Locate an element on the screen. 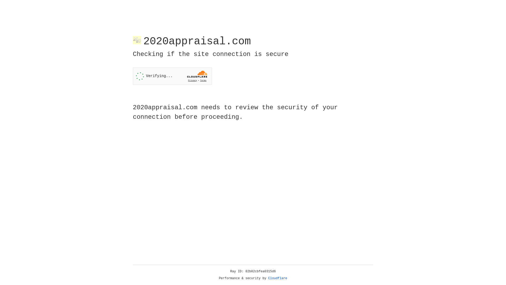  'Cloudflare' is located at coordinates (278, 278).